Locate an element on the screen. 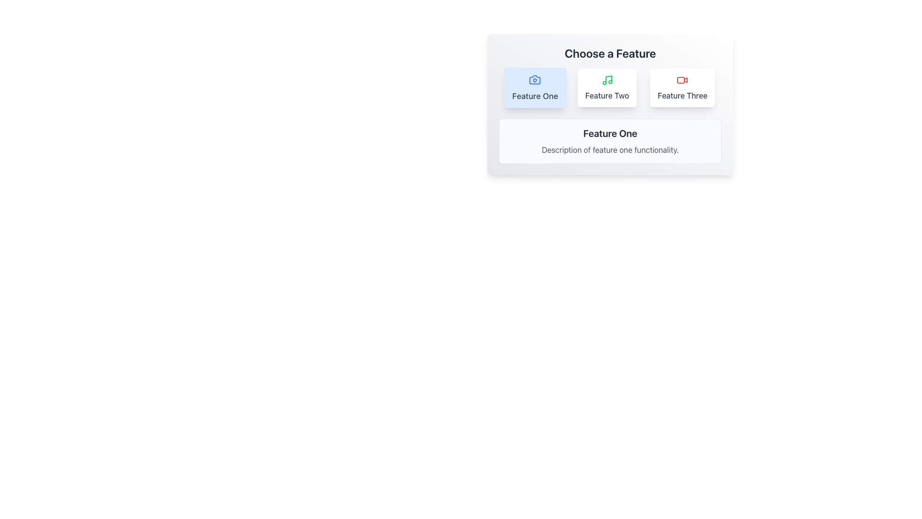  the video-related feature icon located in the 'Feature Three' section, positioned between 'Feature Two' and the text 'Feature Three' is located at coordinates (682, 79).